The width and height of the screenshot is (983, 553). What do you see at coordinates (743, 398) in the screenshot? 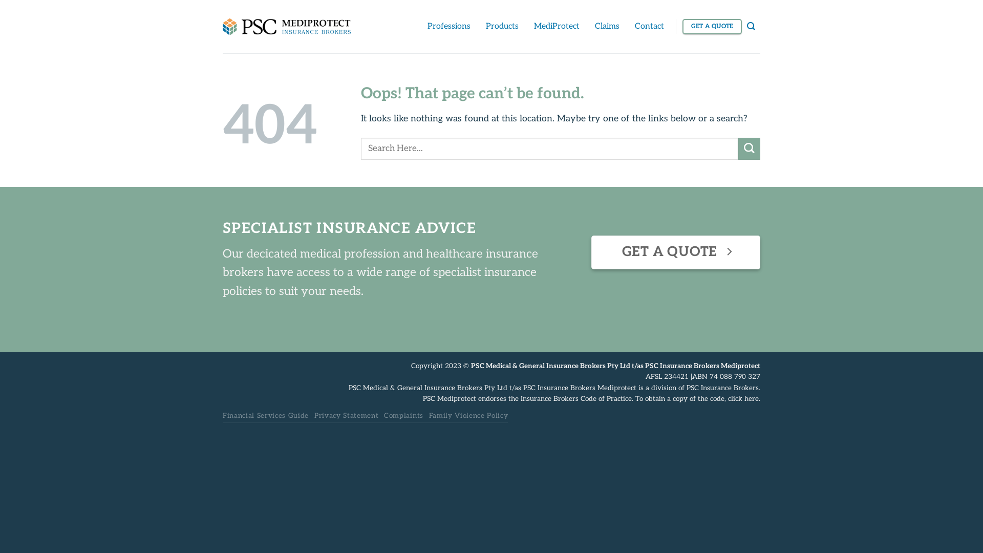
I see `'click here'` at bounding box center [743, 398].